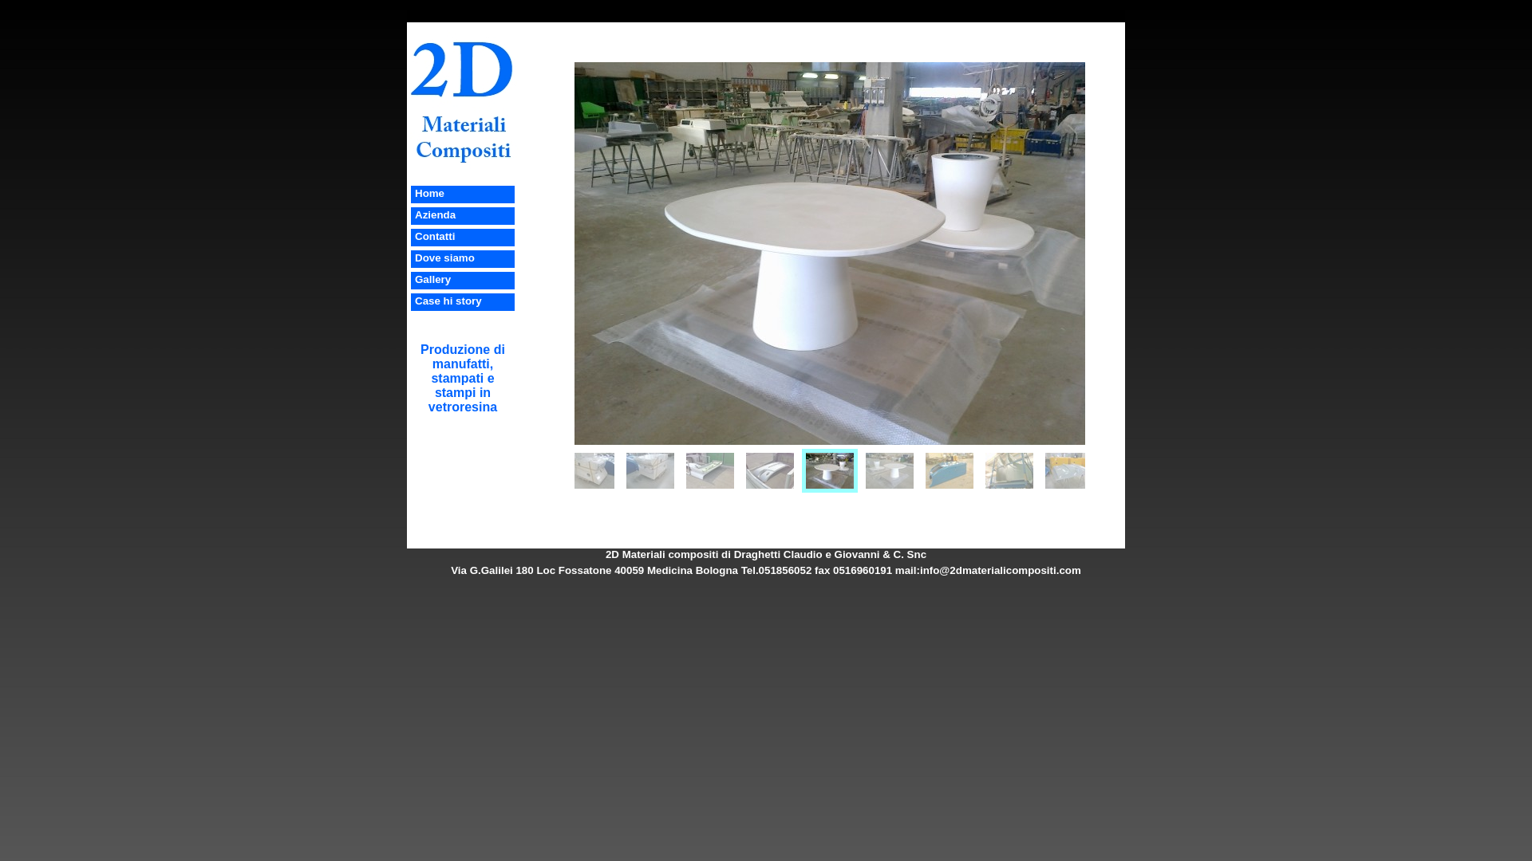  What do you see at coordinates (435, 214) in the screenshot?
I see `'Azienda'` at bounding box center [435, 214].